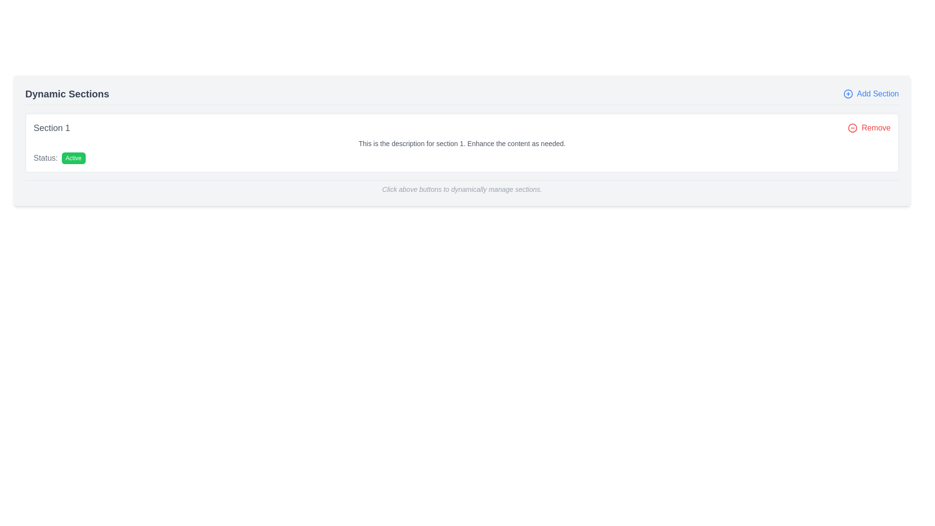 This screenshot has width=935, height=526. What do you see at coordinates (462, 143) in the screenshot?
I see `the Text label displaying 'This is the description for section 1. Enhance the content as needed.' which is centrally aligned and located between the section heading and the status indicator` at bounding box center [462, 143].